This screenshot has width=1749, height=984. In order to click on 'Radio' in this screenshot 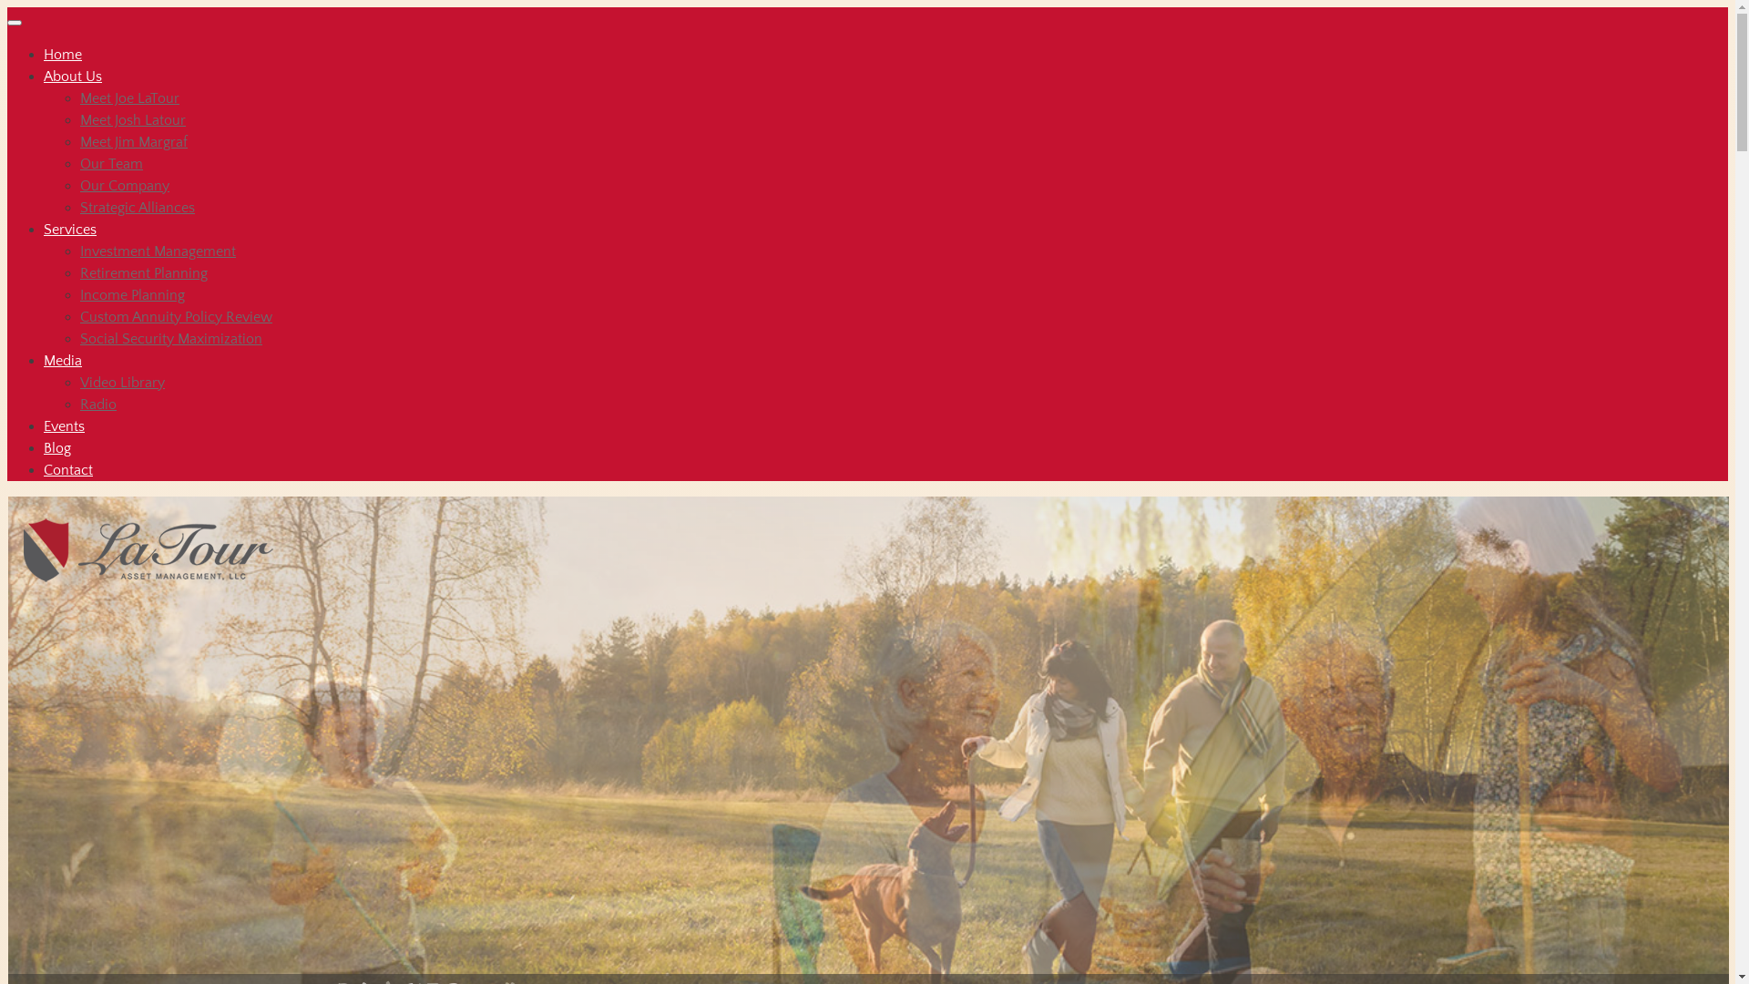, I will do `click(97, 403)`.